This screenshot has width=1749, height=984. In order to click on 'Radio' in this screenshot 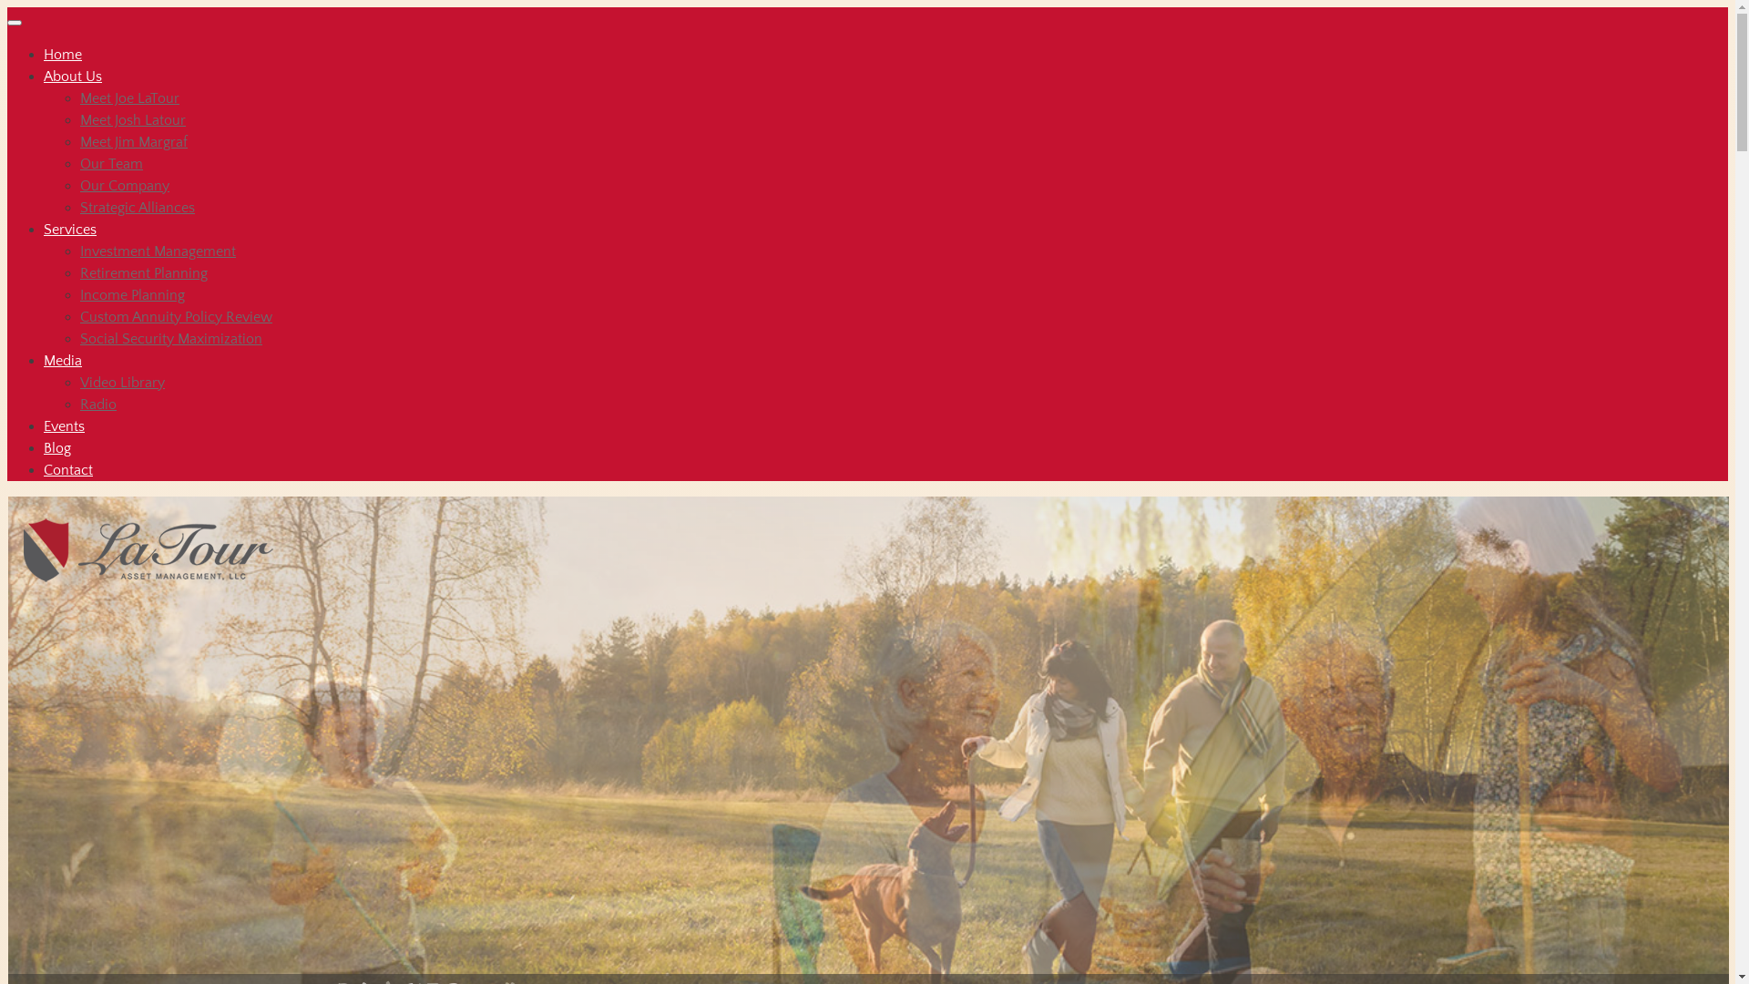, I will do `click(97, 403)`.